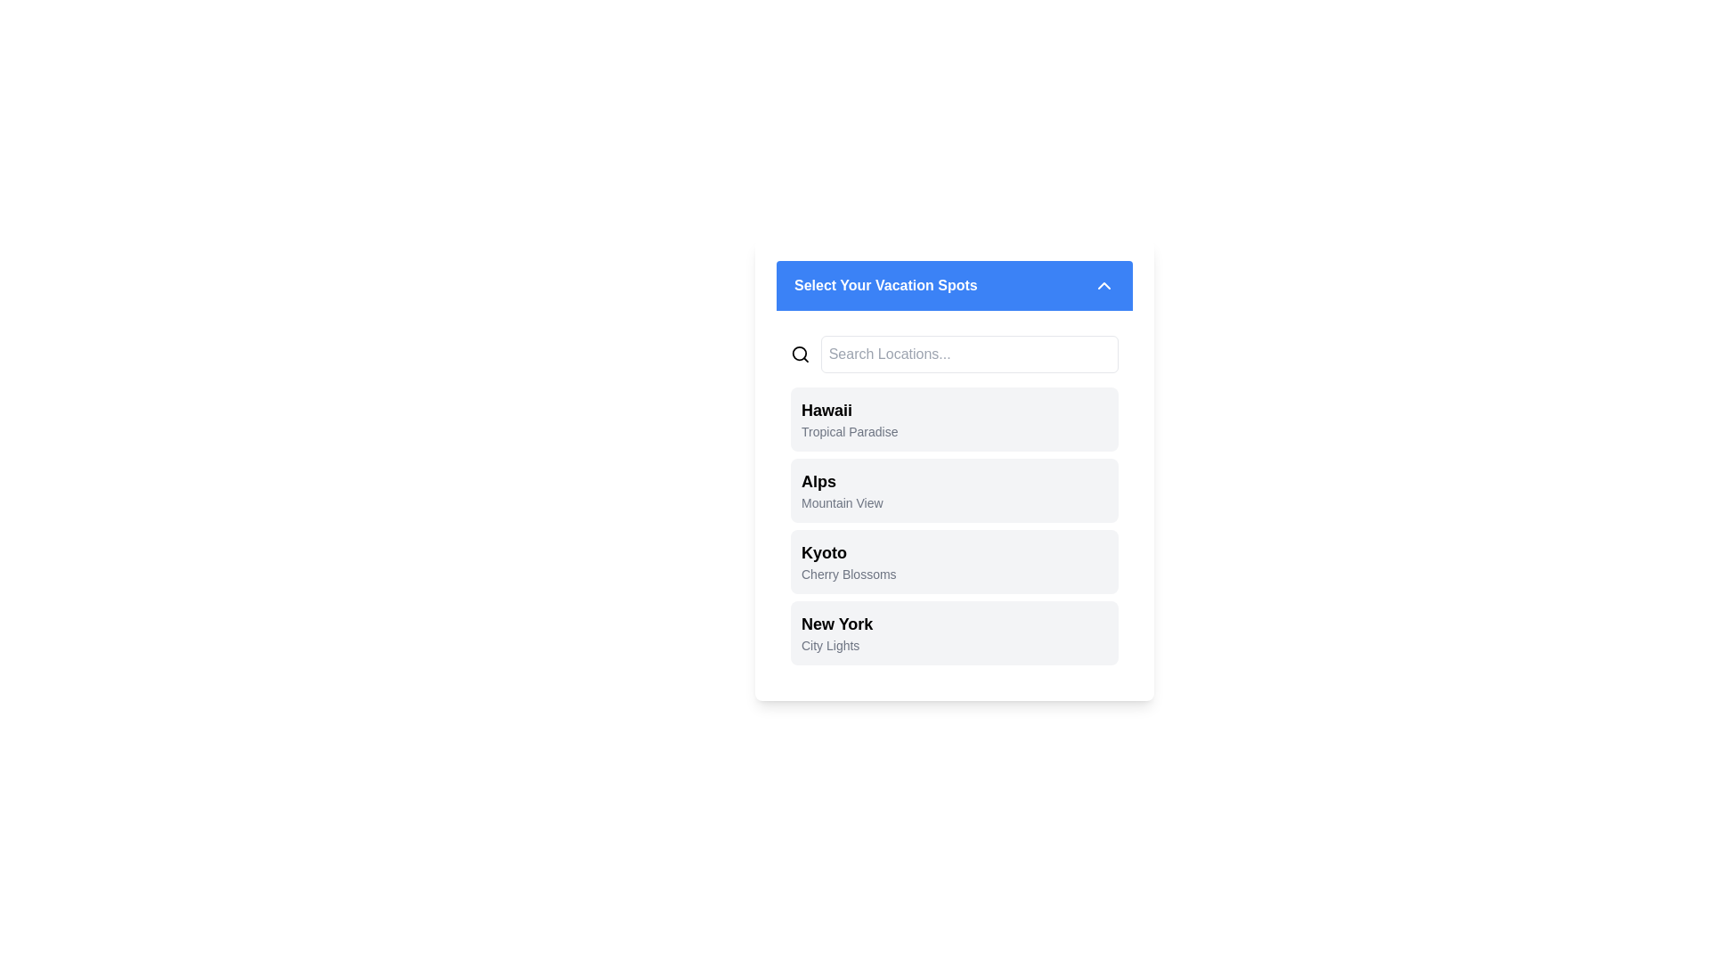 The image size is (1710, 962). What do you see at coordinates (1103, 284) in the screenshot?
I see `the Chevron Upward icon in the top-right corner of the 'Select Your Vacation Spots' section` at bounding box center [1103, 284].